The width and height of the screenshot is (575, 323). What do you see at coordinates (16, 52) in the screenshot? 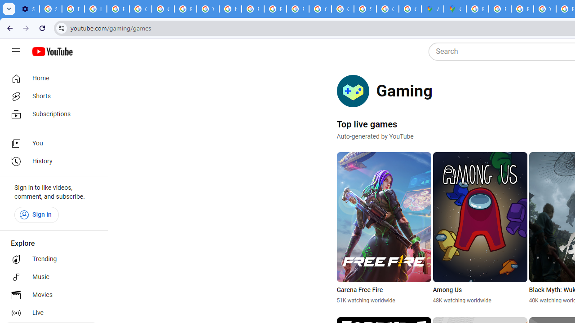
I see `'Guide'` at bounding box center [16, 52].